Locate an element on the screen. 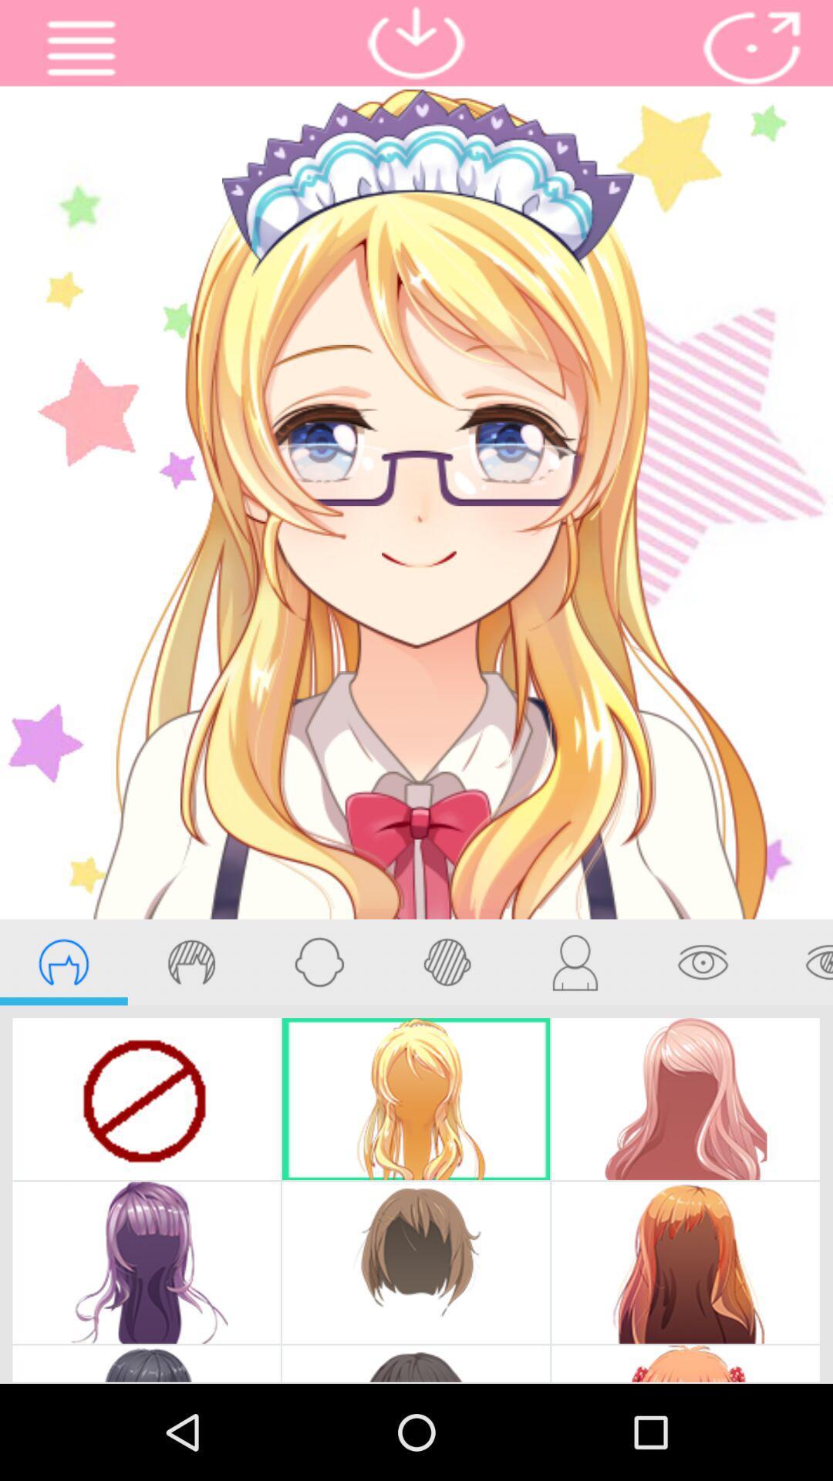  the image which is in the second row third column is located at coordinates (685, 1262).